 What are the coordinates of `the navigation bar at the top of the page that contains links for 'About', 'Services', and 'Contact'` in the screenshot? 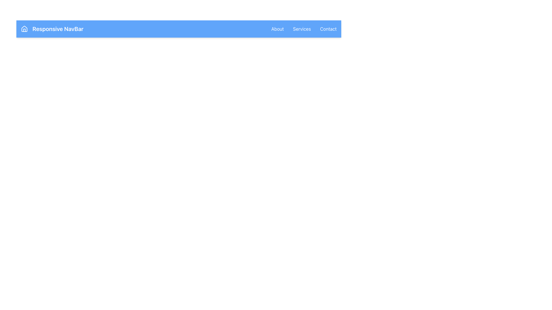 It's located at (179, 29).